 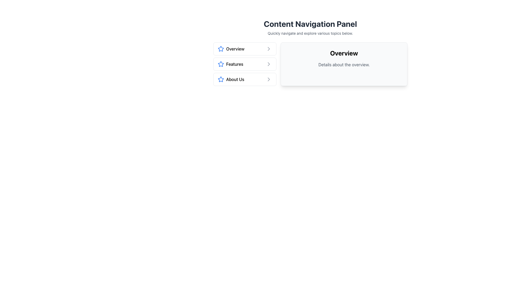 I want to click on guidance text 'Quickly navigate and explore various topics below.' located beneath the title 'Content Navigation Panel', so click(x=310, y=33).